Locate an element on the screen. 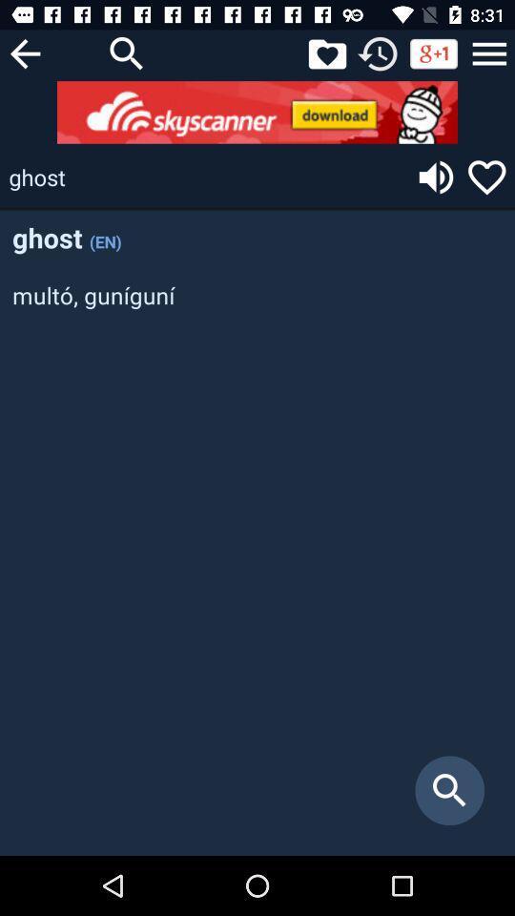  the search icon is located at coordinates (127, 52).